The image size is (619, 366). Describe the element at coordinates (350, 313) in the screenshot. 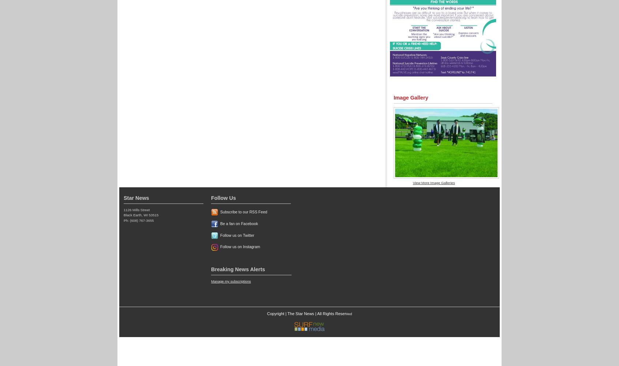

I see `'ed'` at that location.